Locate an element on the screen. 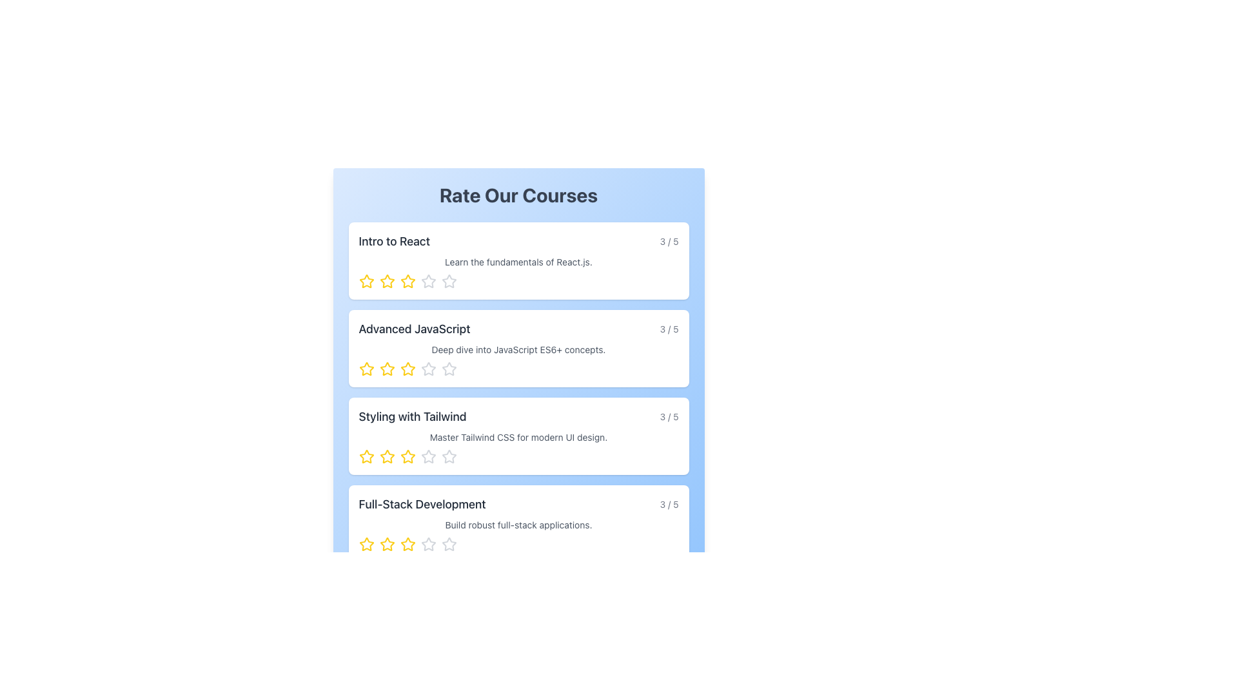  the fifth star icon in the five-star rating system for the 'Full-Stack Development' course by dragging it, indicating a rating of 5 is located at coordinates (449, 544).